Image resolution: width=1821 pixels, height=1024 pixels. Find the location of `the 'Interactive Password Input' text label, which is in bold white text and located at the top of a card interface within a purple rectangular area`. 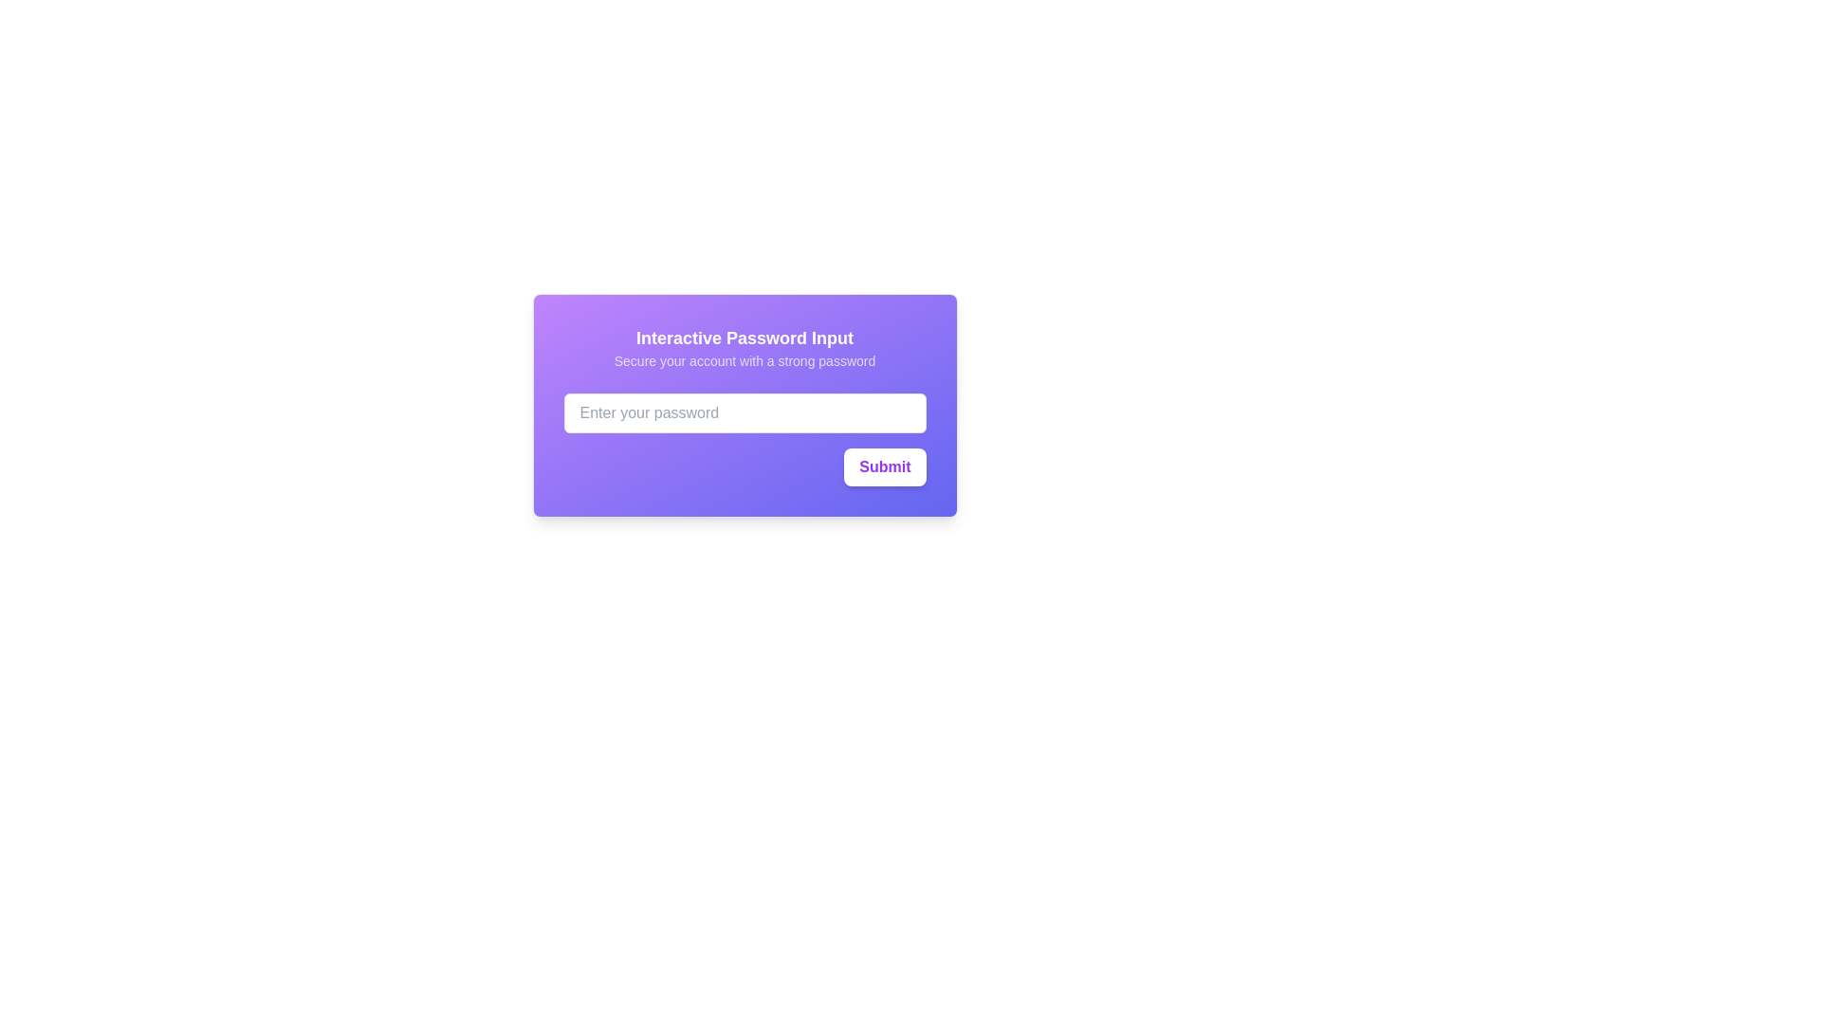

the 'Interactive Password Input' text label, which is in bold white text and located at the top of a card interface within a purple rectangular area is located at coordinates (744, 338).